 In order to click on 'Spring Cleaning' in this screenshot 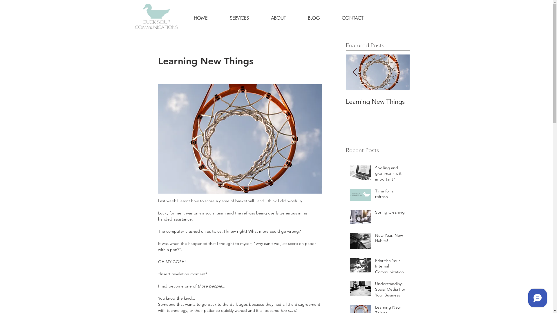, I will do `click(390, 213)`.